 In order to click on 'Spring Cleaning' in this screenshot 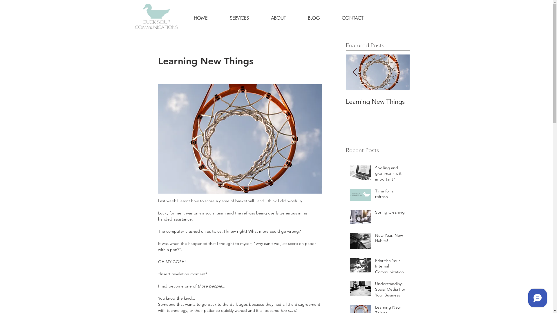, I will do `click(390, 213)`.